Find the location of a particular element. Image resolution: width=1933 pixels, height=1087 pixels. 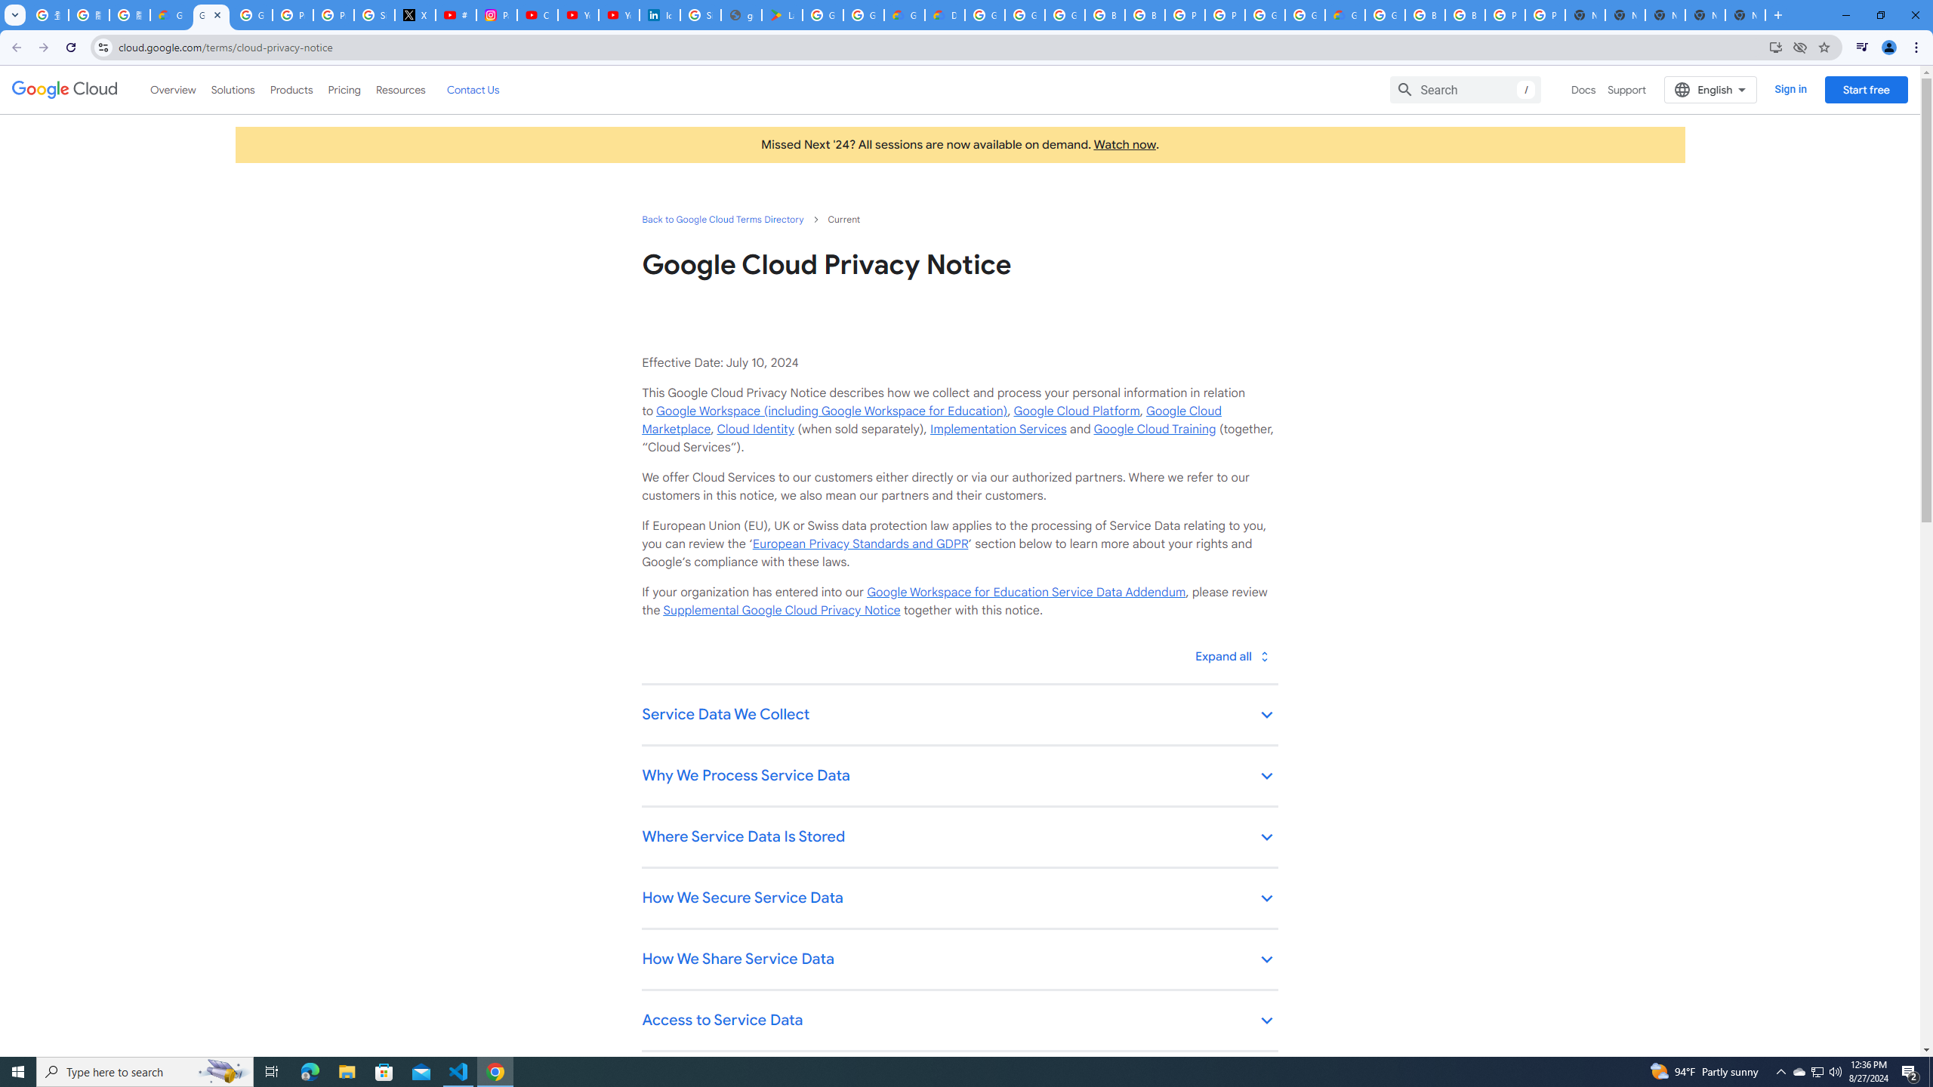

'Docs' is located at coordinates (1583, 89).